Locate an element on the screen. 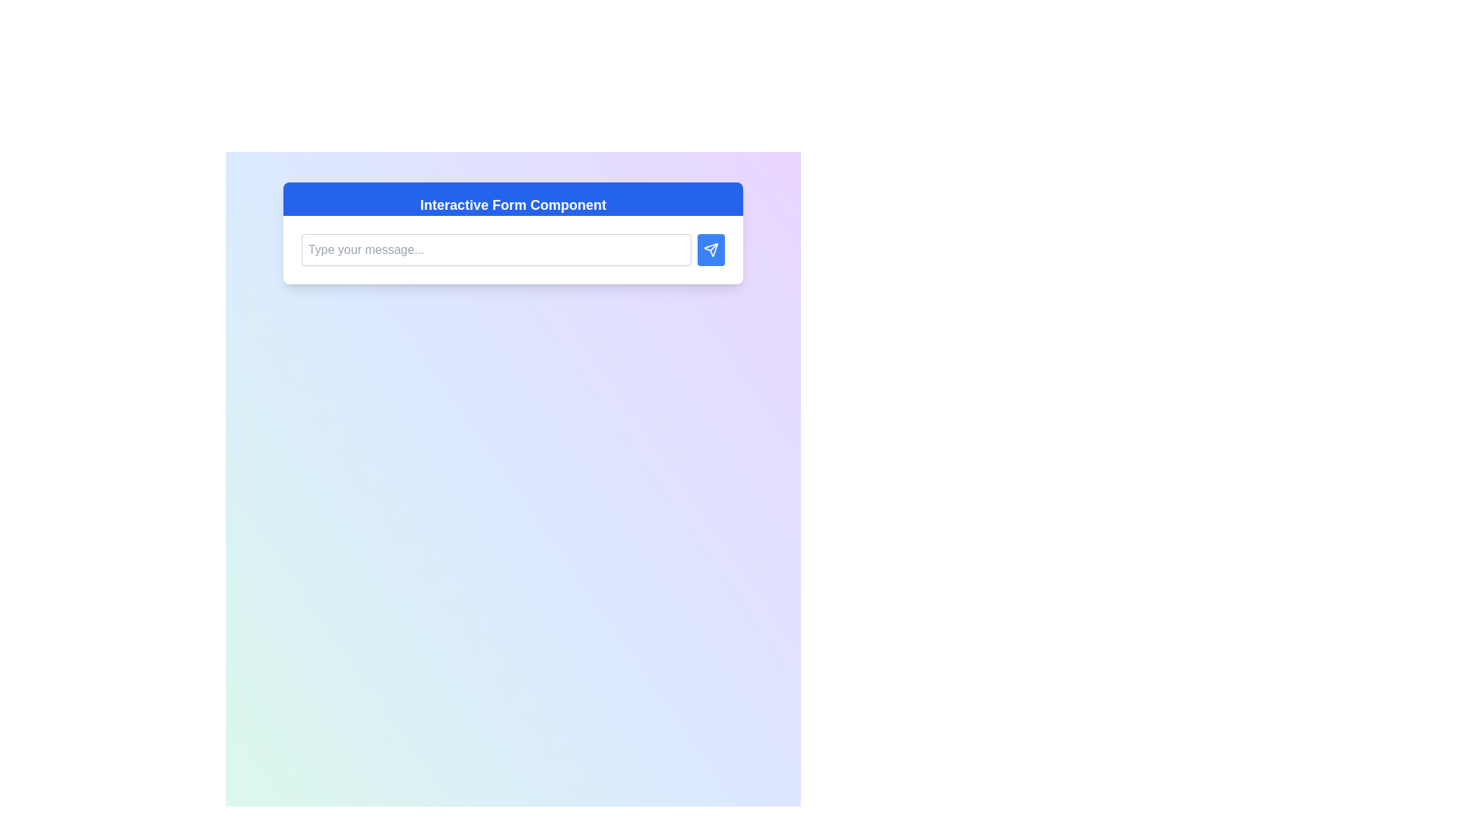 This screenshot has width=1459, height=821. text label that serves as a title or heading for the form, located at the center of the blue background area of the card or form component is located at coordinates (513, 205).